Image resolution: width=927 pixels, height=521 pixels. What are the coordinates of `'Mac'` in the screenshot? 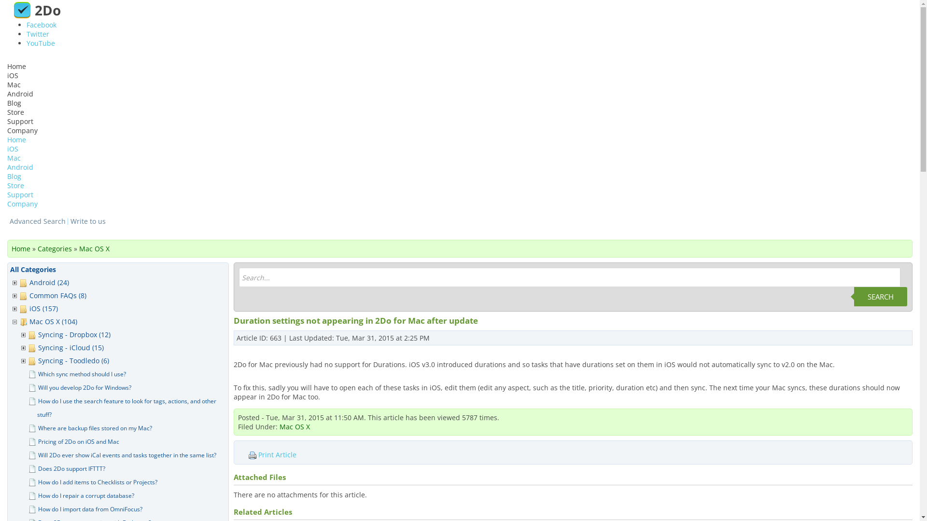 It's located at (7, 157).